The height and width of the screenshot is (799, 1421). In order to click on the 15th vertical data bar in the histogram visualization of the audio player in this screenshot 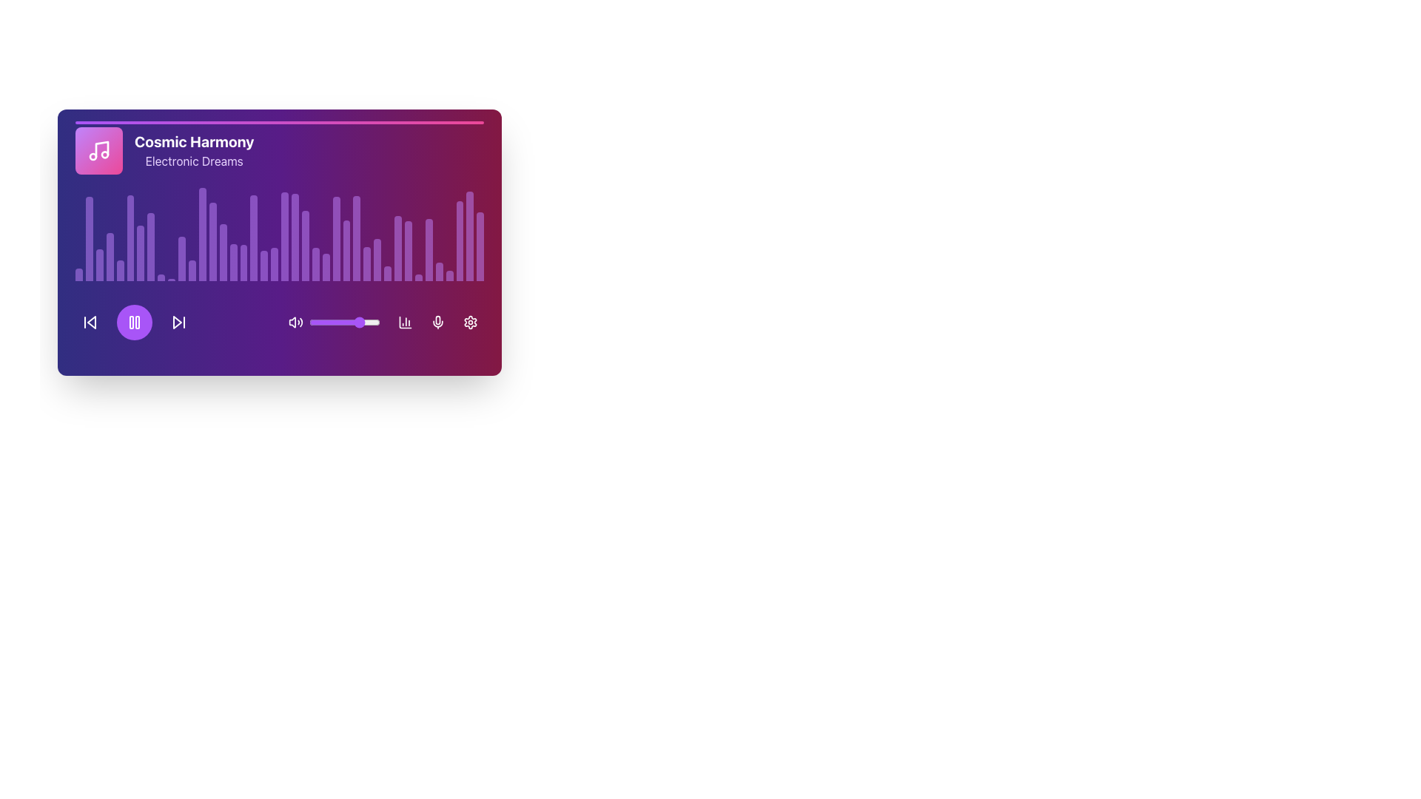, I will do `click(222, 252)`.